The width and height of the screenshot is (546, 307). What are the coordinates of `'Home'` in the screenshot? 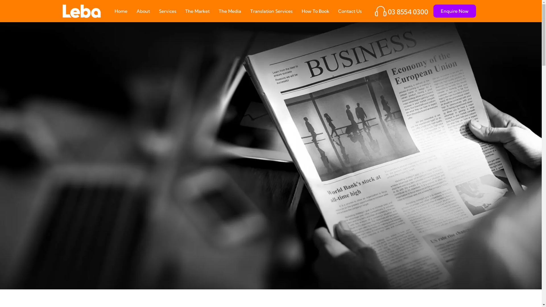 It's located at (121, 11).